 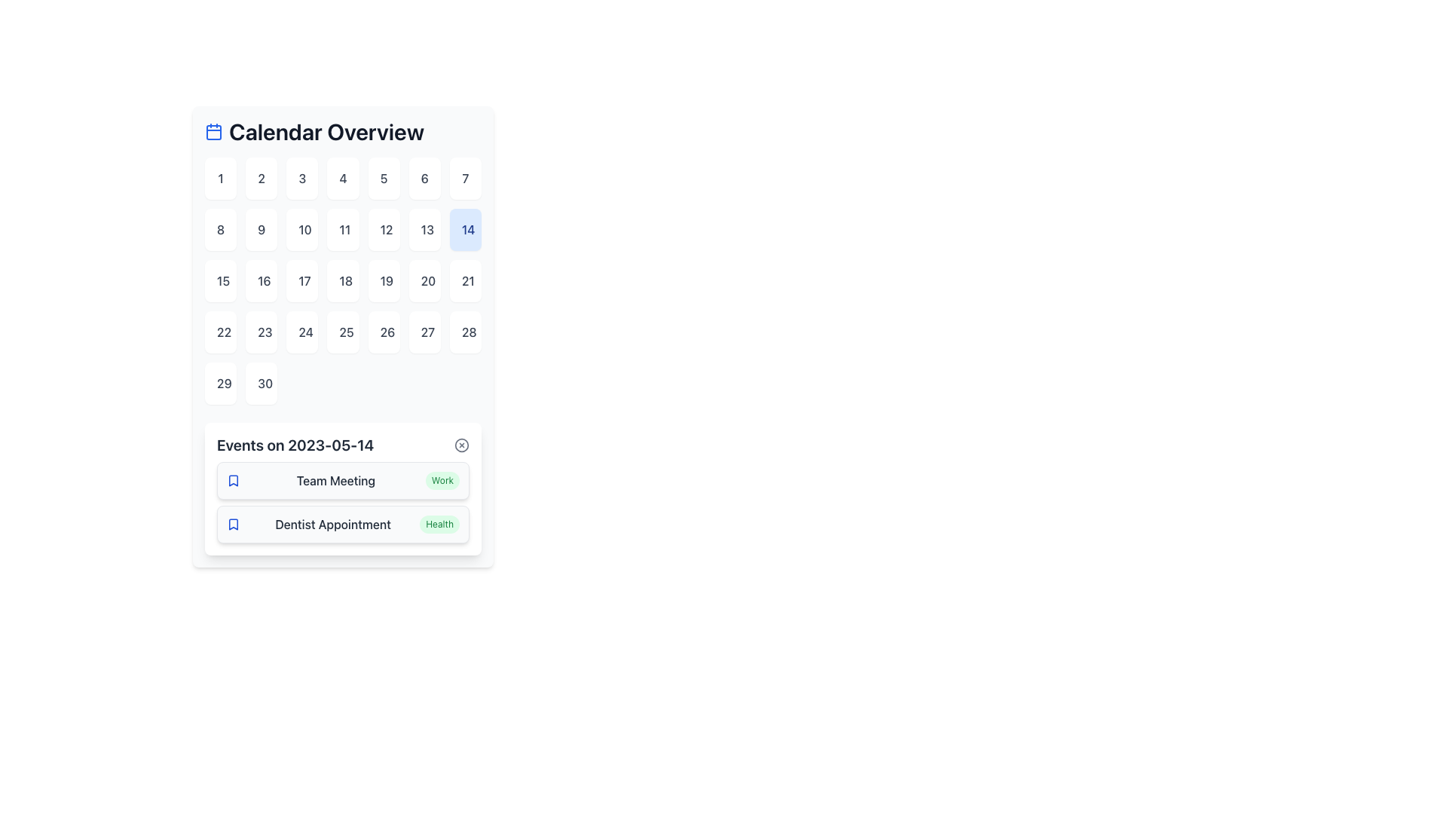 I want to click on the button representing the day in the calendar interface, located in the second position of the third row, so click(x=262, y=281).